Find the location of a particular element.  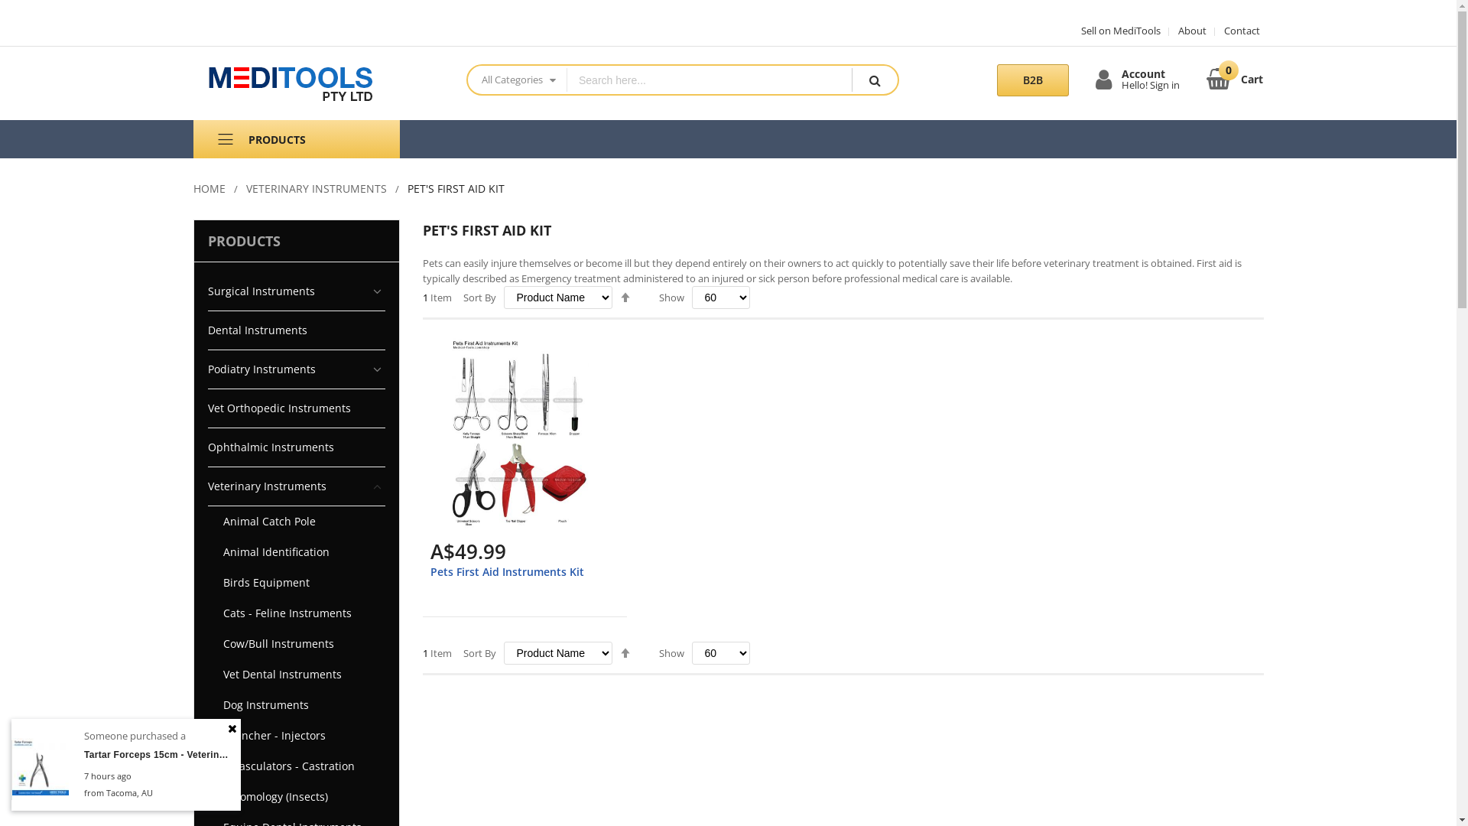

'Veterinary Instruments' is located at coordinates (297, 486).